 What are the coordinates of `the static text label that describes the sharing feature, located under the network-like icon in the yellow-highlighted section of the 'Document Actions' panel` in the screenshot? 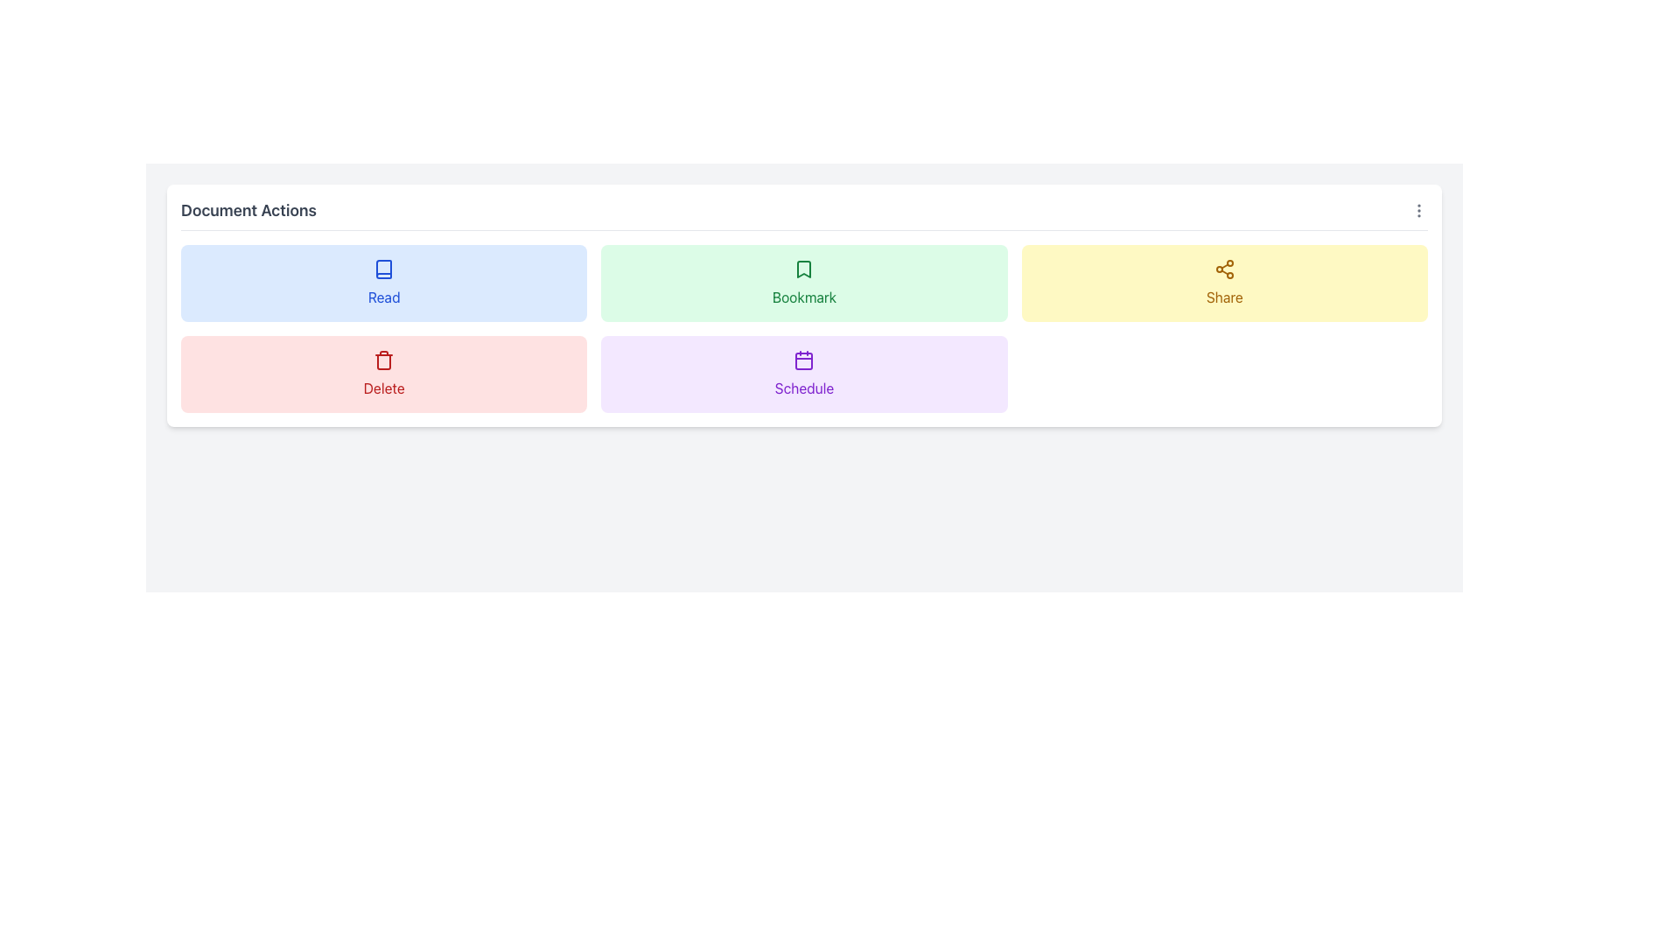 It's located at (1223, 296).